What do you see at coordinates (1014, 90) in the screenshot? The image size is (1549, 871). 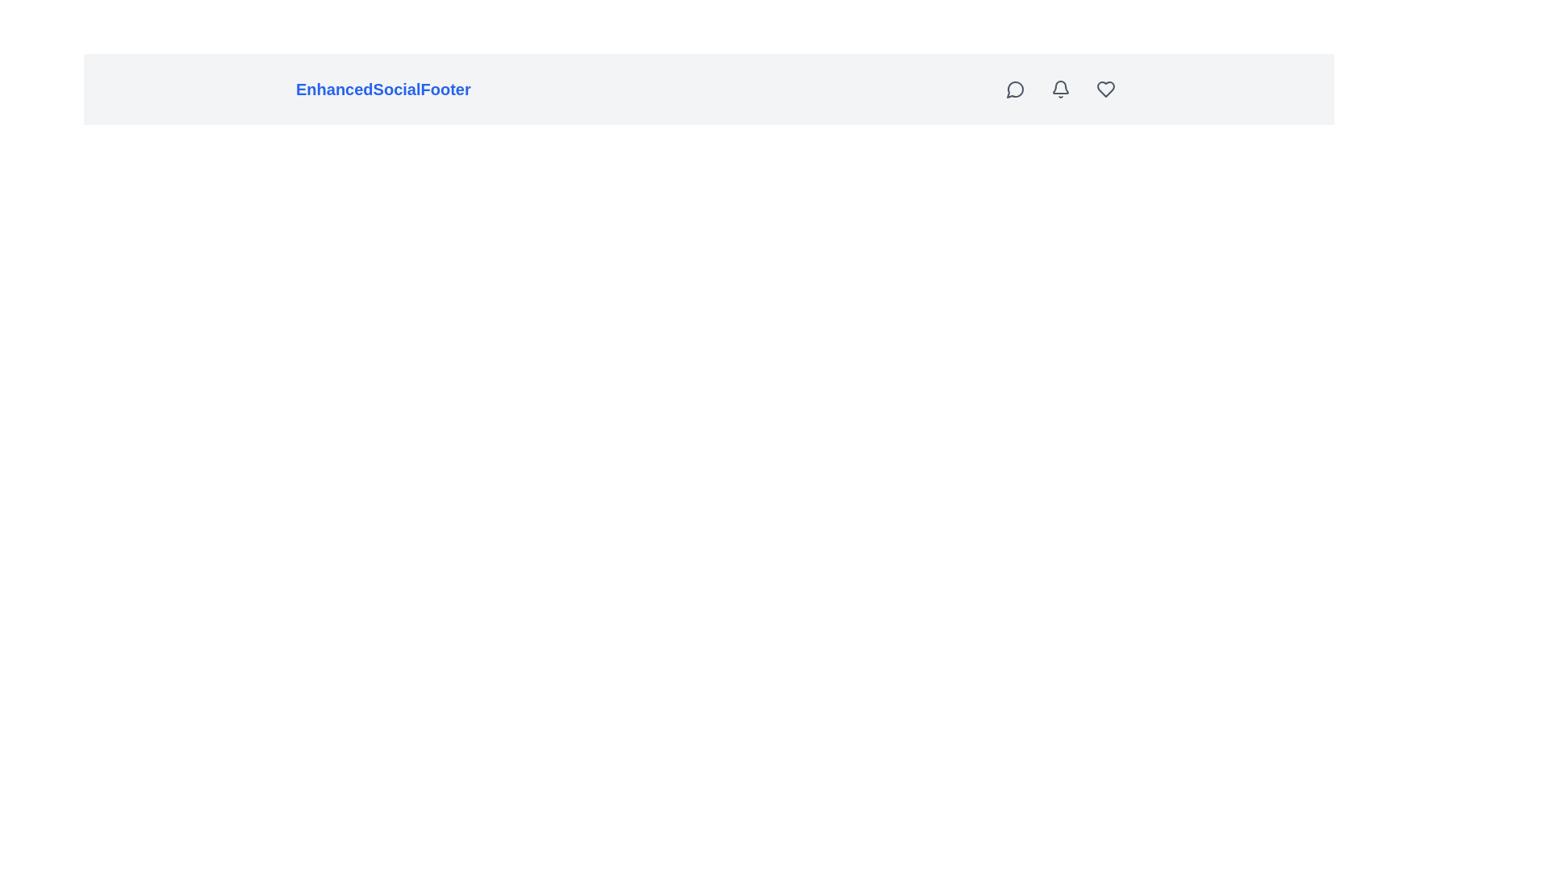 I see `the speech bubble icon button located in the top-right corner of the interface, to the left of the bell-shaped icon and right of the text 'EnhancedSocialFooter'` at bounding box center [1014, 90].